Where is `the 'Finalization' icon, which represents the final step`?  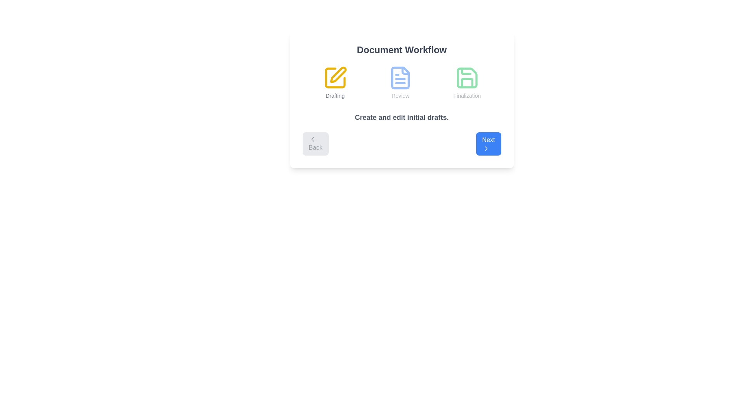
the 'Finalization' icon, which represents the final step is located at coordinates (466, 78).